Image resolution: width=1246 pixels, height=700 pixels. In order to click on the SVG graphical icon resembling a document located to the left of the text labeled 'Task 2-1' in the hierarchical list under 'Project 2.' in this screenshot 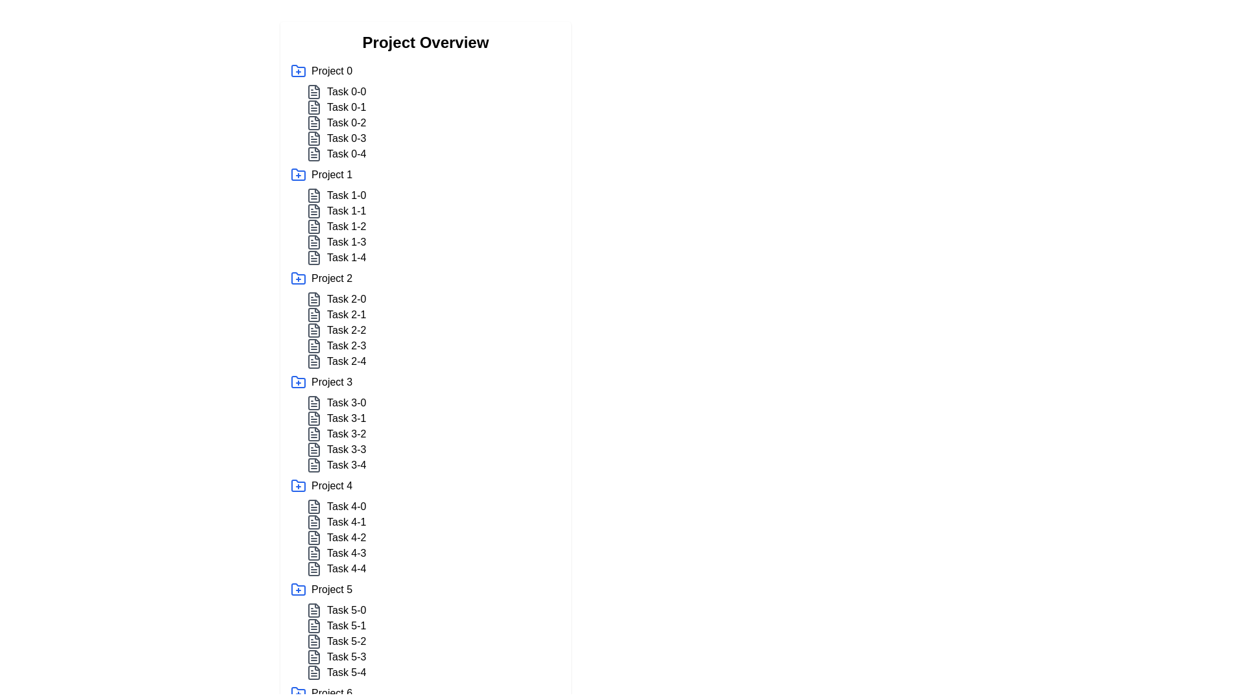, I will do `click(314, 315)`.